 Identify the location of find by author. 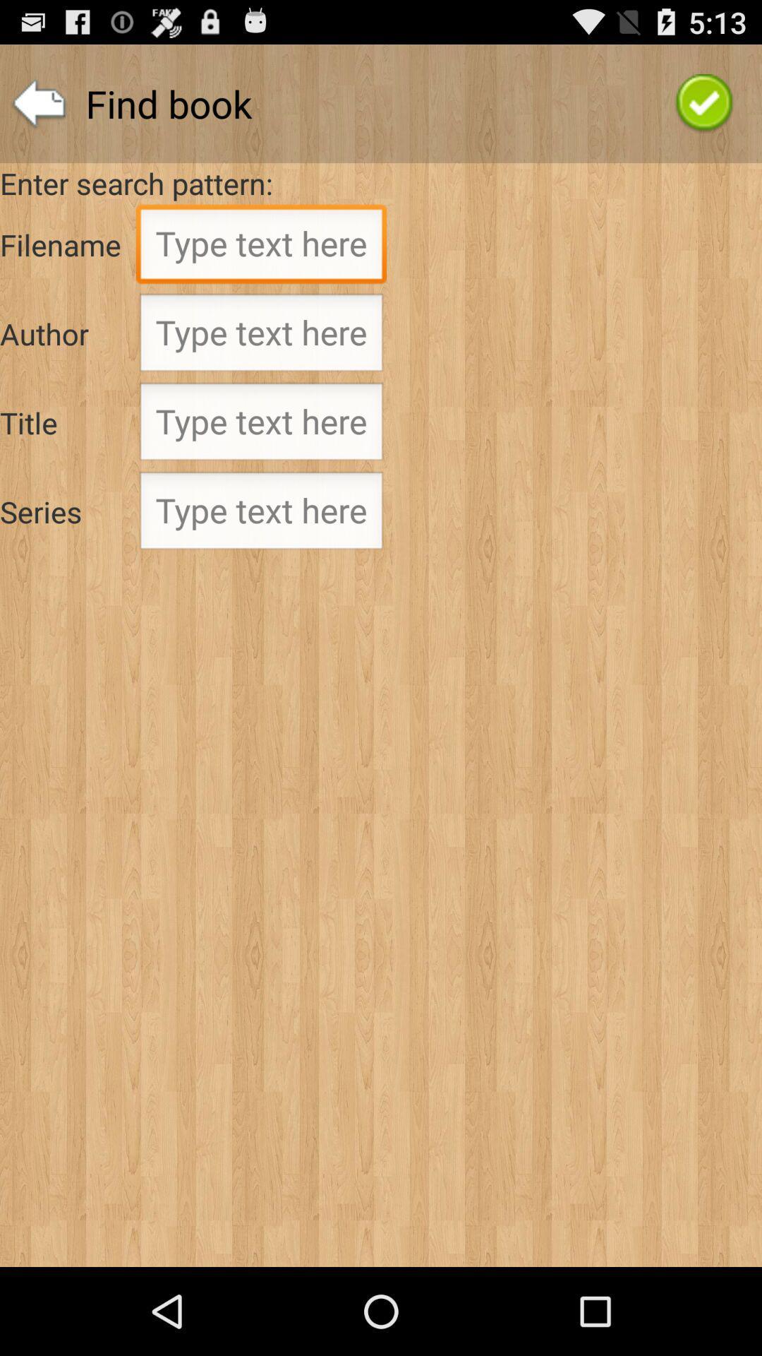
(261, 335).